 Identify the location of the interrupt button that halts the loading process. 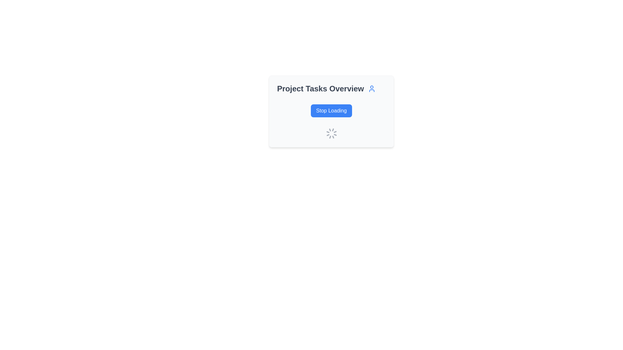
(331, 111).